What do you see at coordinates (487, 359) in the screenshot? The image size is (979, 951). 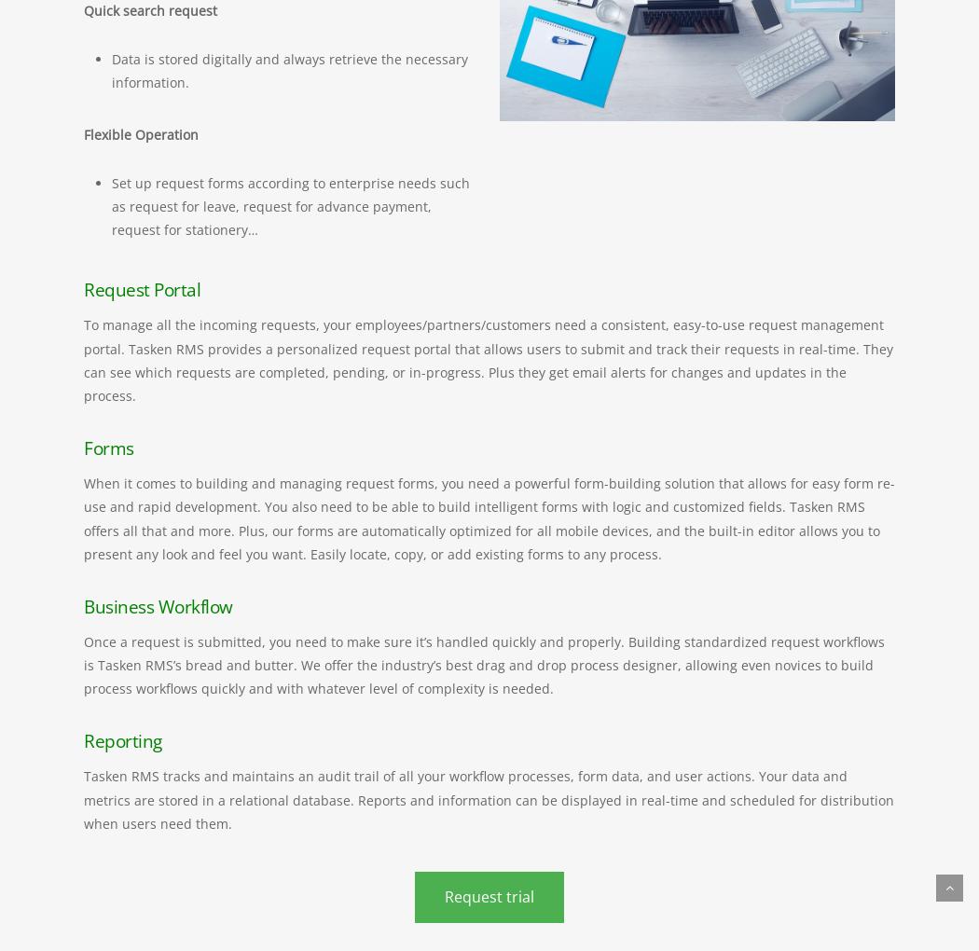 I see `'To manage all the incoming requests, your employees/partners/customers need a consistent, easy-to-use request management portal. Tasken RMS provides a personalized request portal that allows users to submit and track their requests in real-time. They can see which requests are completed, pending, or in-progress. Plus they get email alerts for changes and updates in the process.'` at bounding box center [487, 359].